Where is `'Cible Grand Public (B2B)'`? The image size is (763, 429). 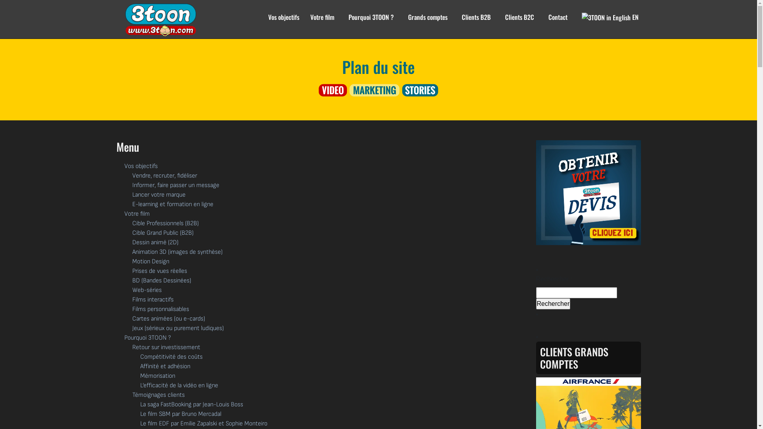 'Cible Grand Public (B2B)' is located at coordinates (132, 232).